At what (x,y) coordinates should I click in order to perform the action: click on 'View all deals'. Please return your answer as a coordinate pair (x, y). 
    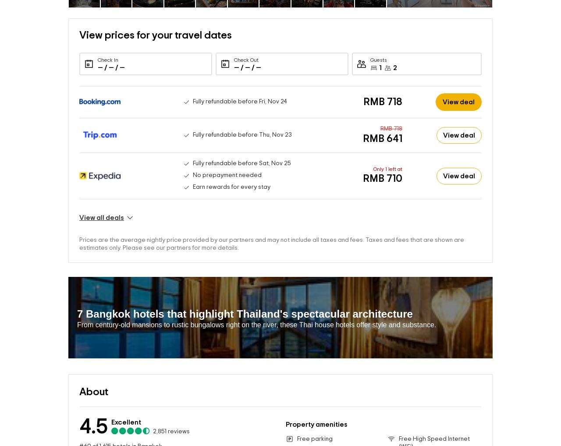
    Looking at the image, I should click on (102, 204).